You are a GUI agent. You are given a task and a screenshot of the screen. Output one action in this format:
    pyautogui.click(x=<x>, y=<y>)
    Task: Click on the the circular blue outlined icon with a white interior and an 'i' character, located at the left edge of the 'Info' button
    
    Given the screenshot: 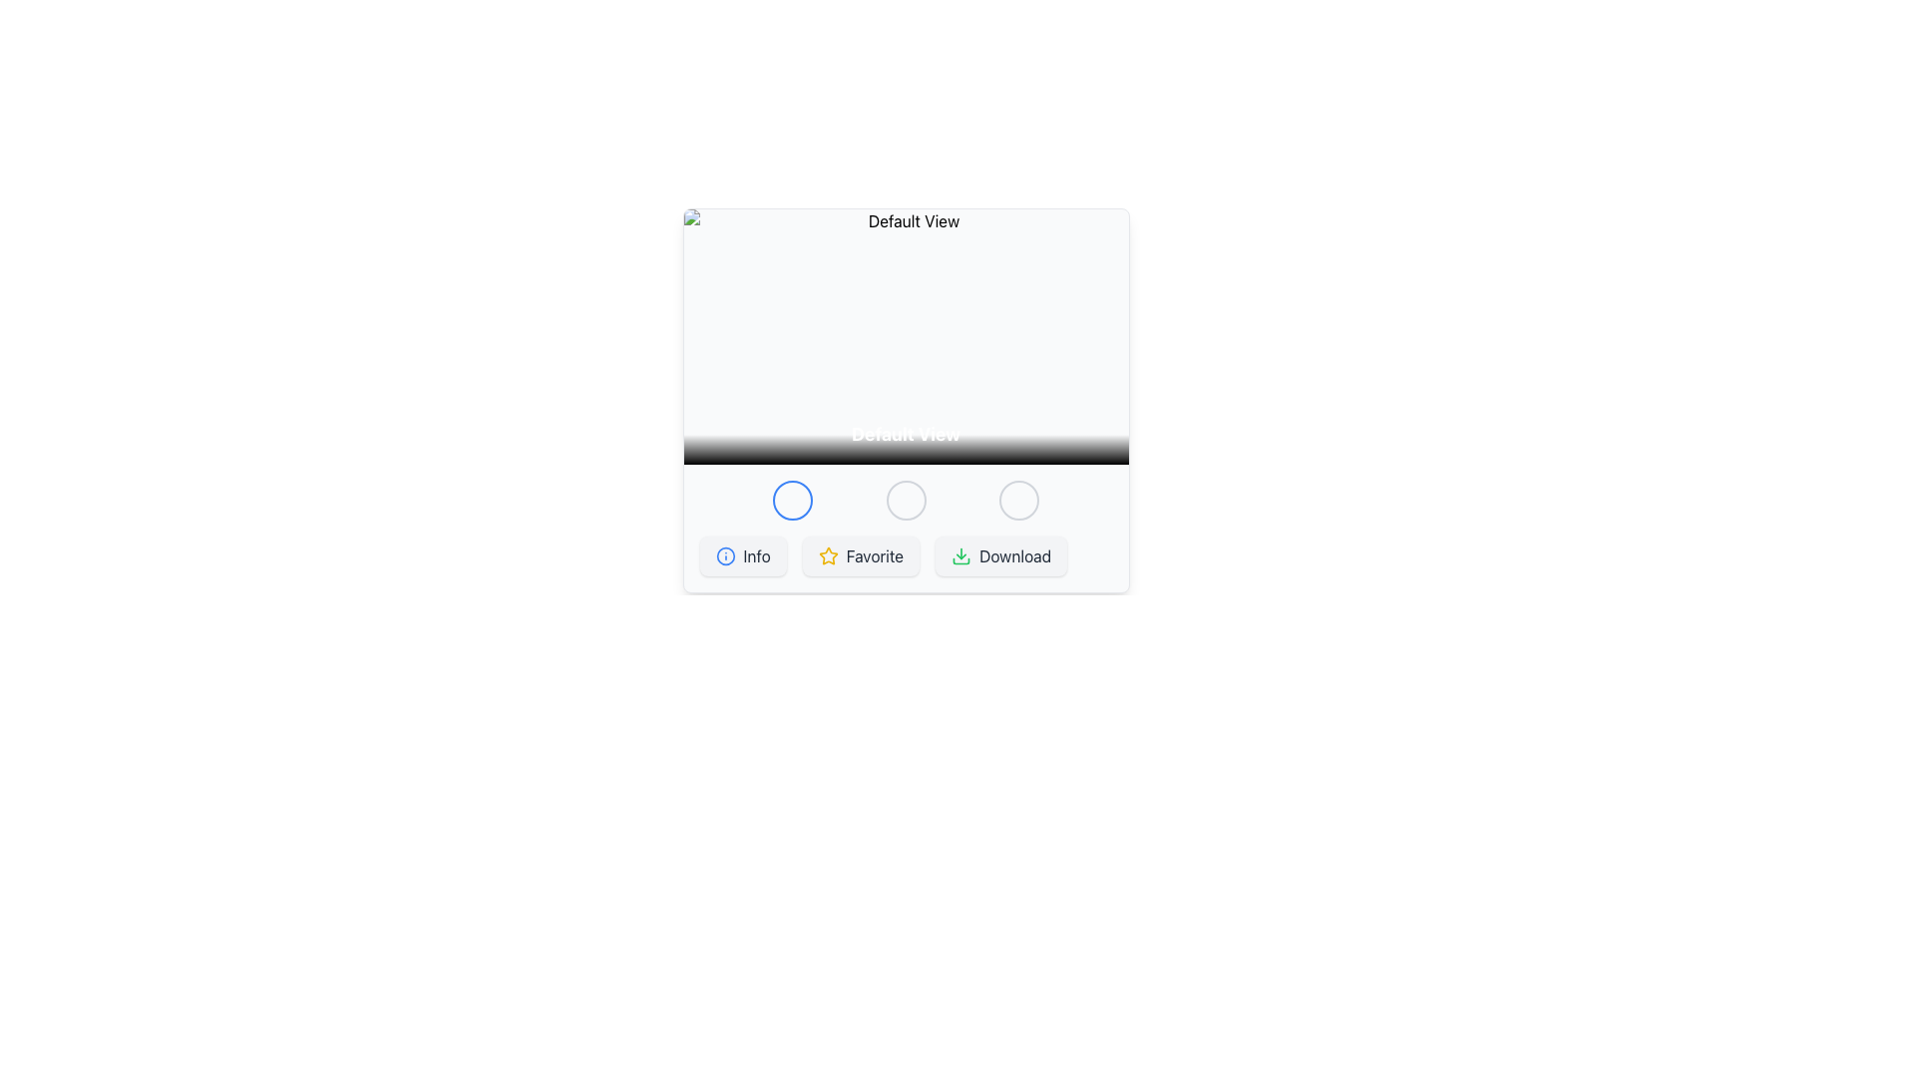 What is the action you would take?
    pyautogui.click(x=724, y=556)
    